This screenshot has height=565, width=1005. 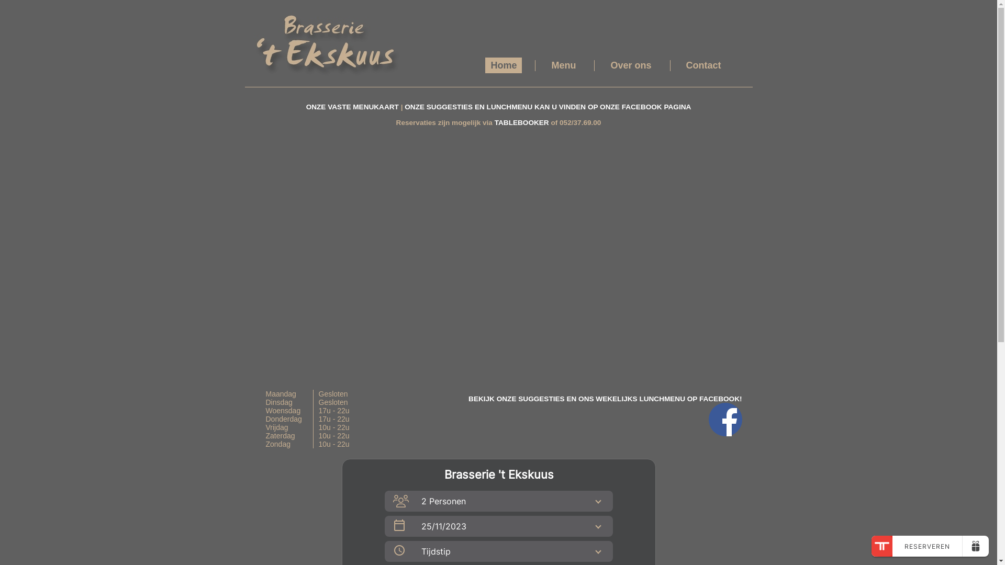 What do you see at coordinates (306, 107) in the screenshot?
I see `'ONZE VASTE MENUKAART'` at bounding box center [306, 107].